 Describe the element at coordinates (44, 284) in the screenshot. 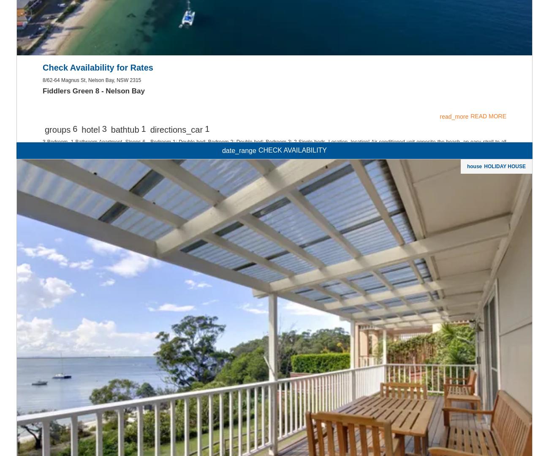

I see `'Owner Login'` at that location.